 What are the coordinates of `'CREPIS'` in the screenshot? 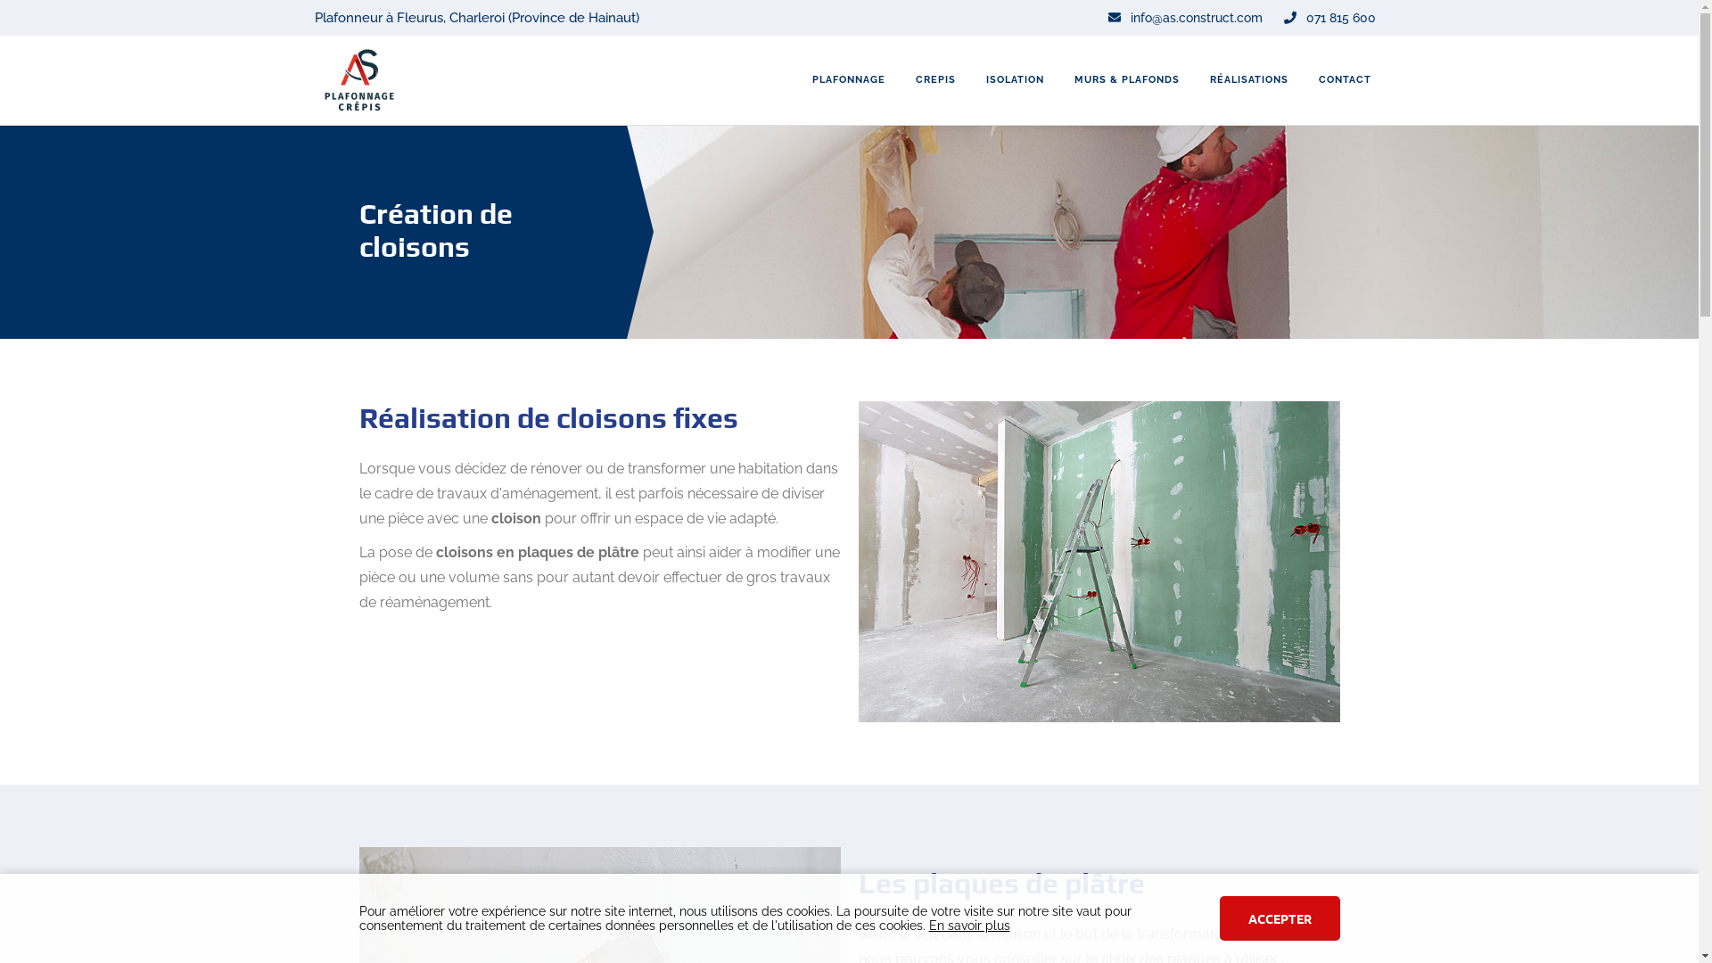 It's located at (934, 78).